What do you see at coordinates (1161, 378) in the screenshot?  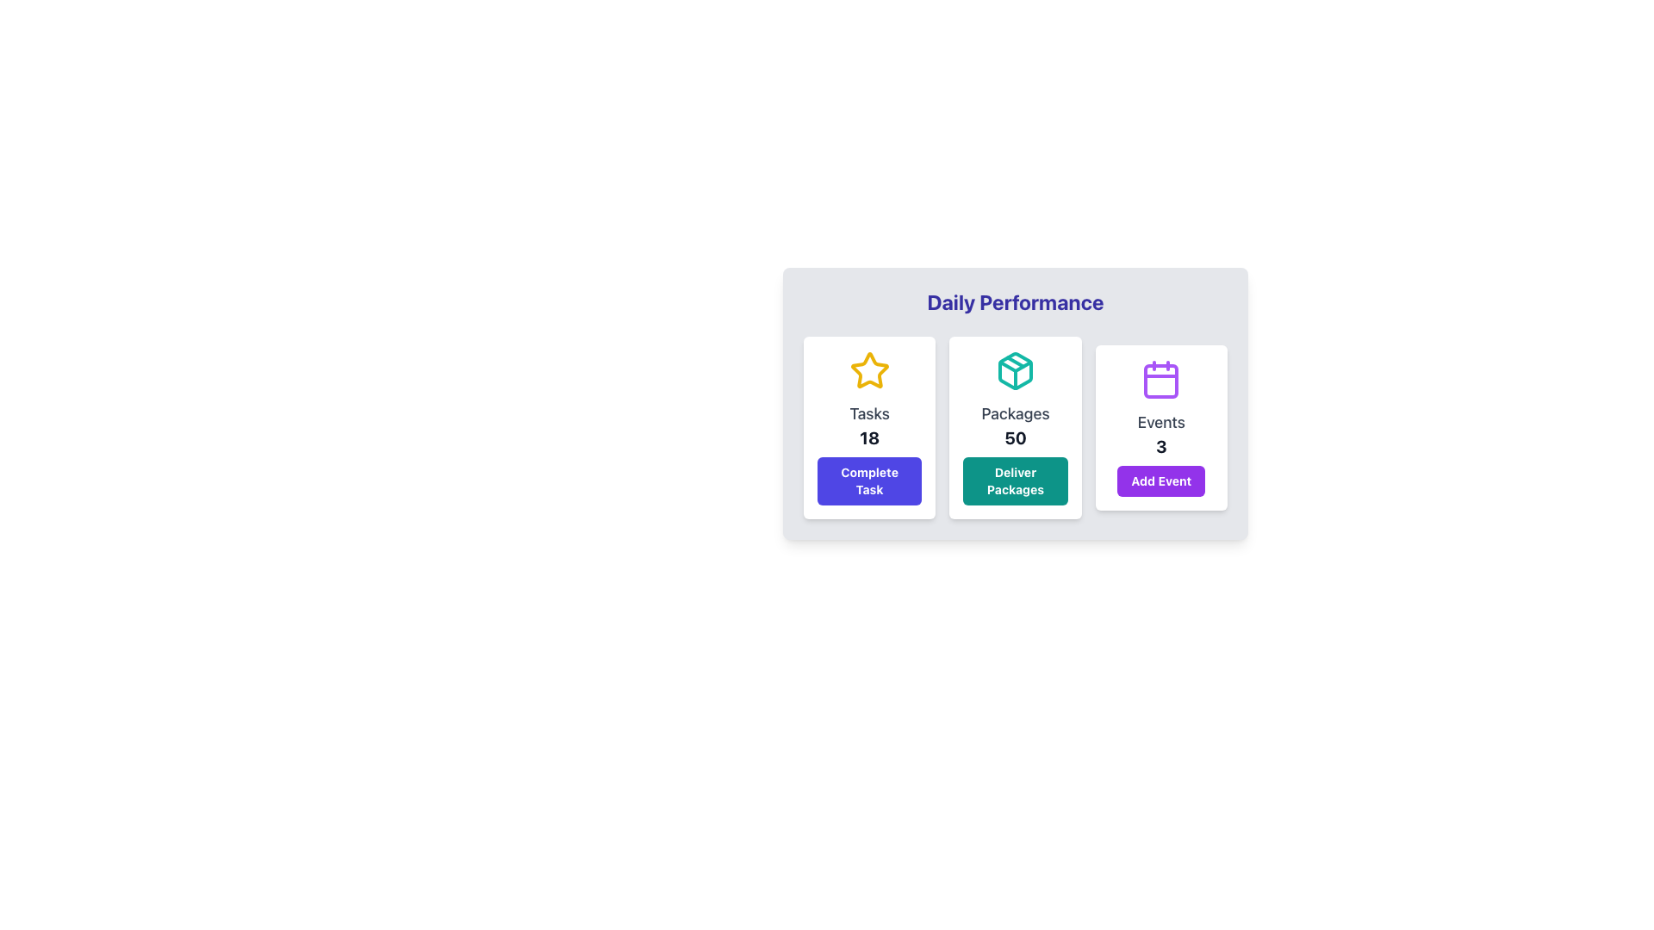 I see `the calendar icon with a purple outline located in the third block of the 'Daily Performance' section, above the text 'Events' and to the left of the number '3'` at bounding box center [1161, 378].